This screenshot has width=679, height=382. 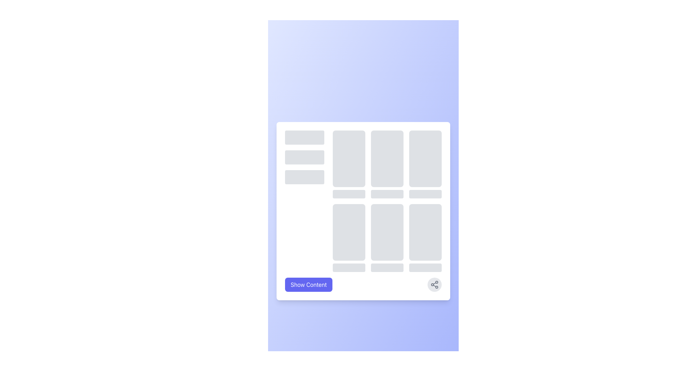 I want to click on the Placeholder or Decorative Element located at the bottom of the column layout, centered horizontally beneath a taller rounded rectangle, so click(x=349, y=267).